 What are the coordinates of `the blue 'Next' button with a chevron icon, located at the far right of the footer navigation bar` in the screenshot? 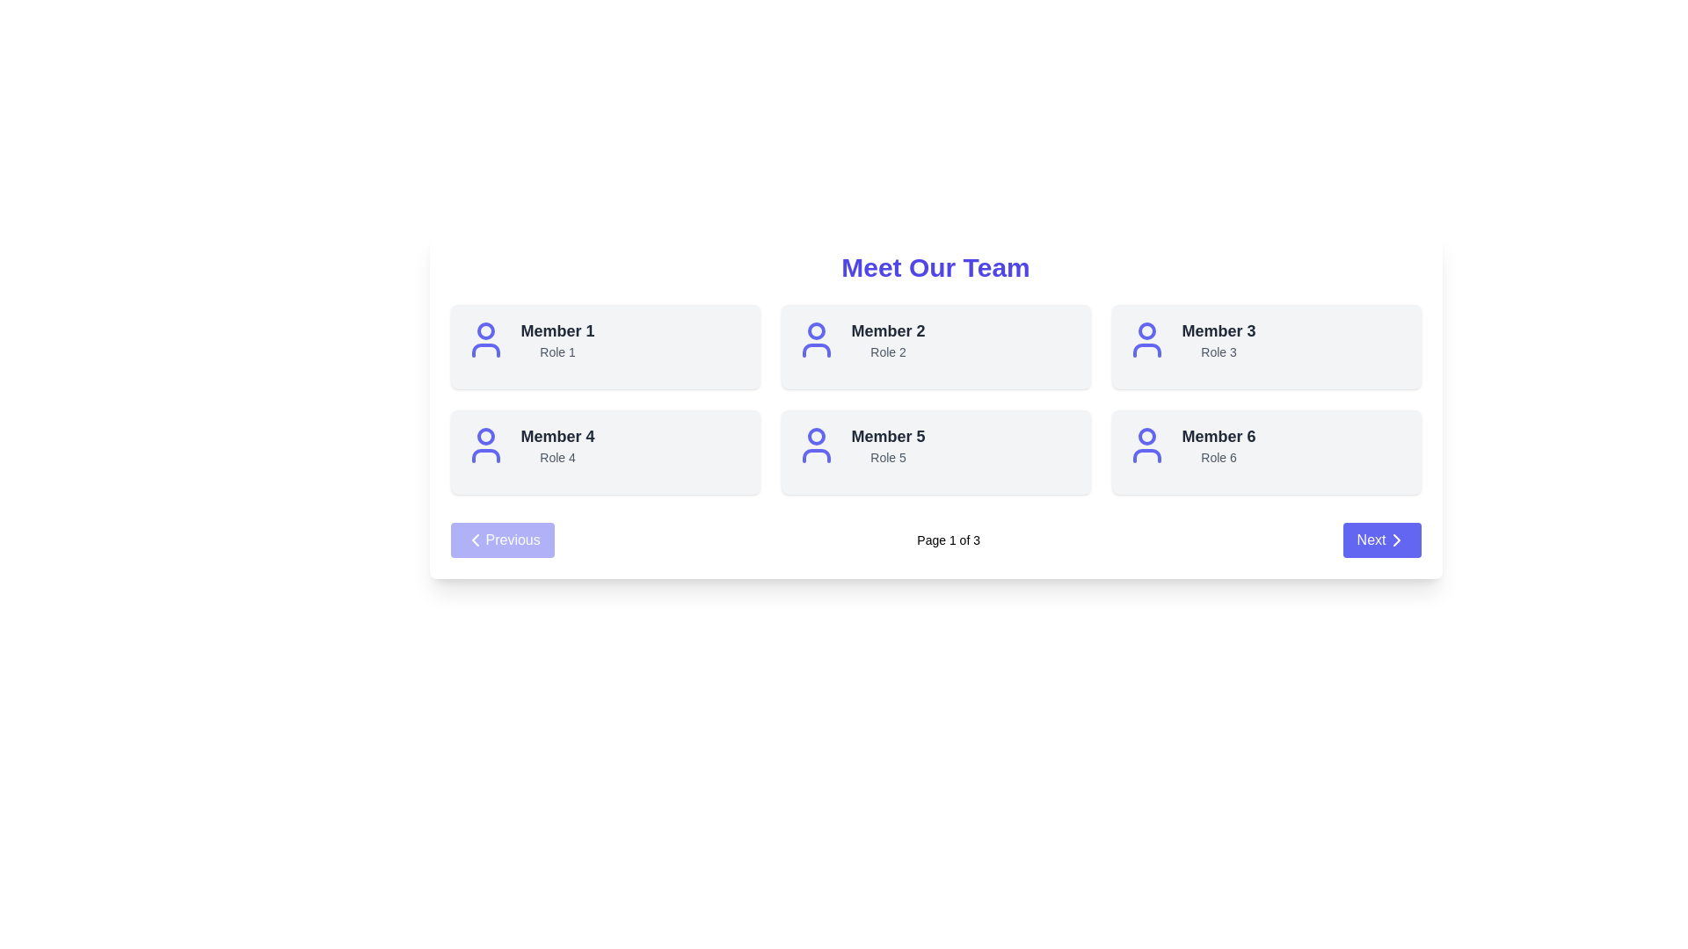 It's located at (1381, 539).